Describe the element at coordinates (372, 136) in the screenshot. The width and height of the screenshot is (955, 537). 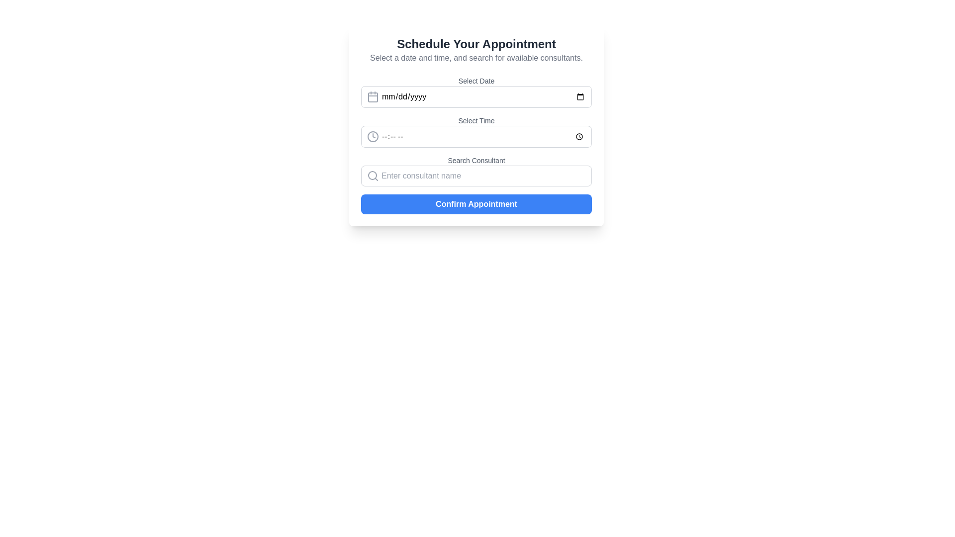
I see `the clock icon located to the left of the 'Select Time' input field, which signifies the time selection functionality` at that location.